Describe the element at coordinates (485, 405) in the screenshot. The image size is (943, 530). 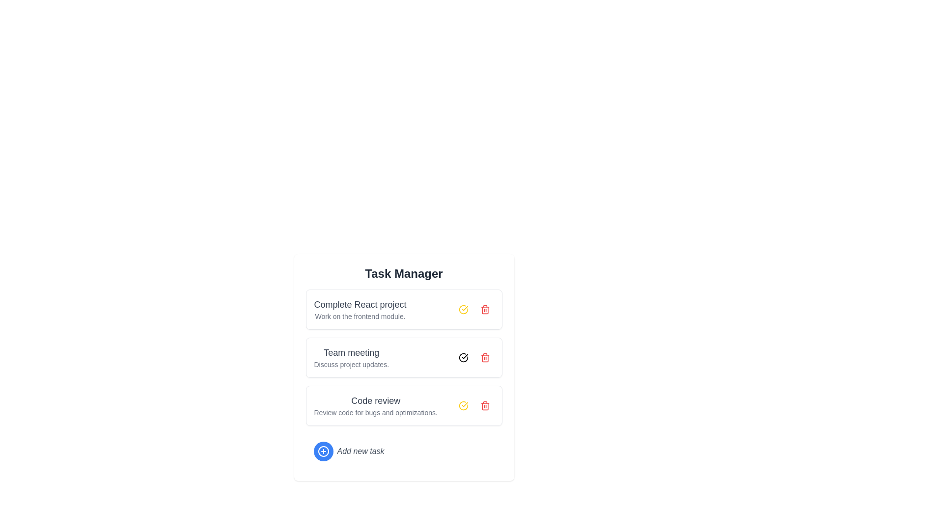
I see `the delete button for the 'Code review' task` at that location.